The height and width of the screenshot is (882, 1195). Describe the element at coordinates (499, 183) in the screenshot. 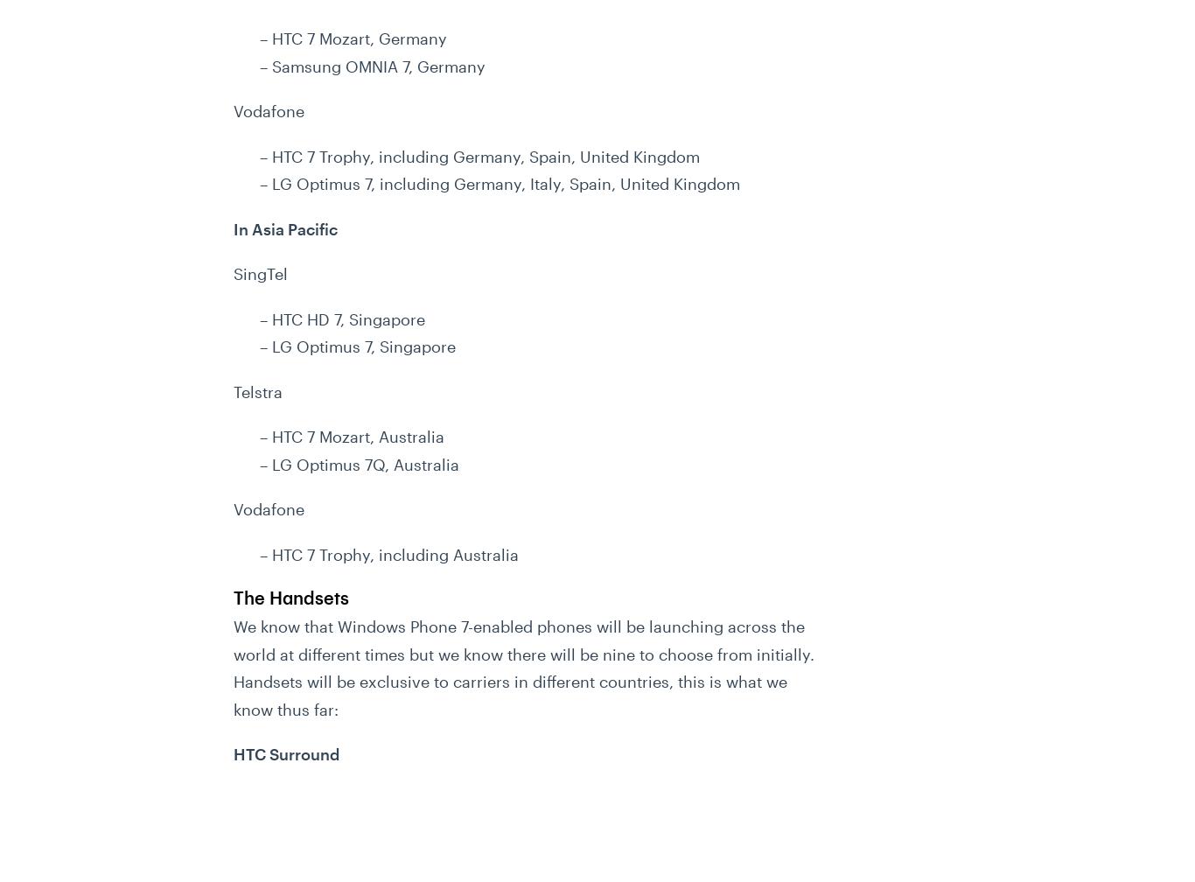

I see `'– LG Optimus 7, including Germany, Italy, Spain, United Kingdom'` at that location.